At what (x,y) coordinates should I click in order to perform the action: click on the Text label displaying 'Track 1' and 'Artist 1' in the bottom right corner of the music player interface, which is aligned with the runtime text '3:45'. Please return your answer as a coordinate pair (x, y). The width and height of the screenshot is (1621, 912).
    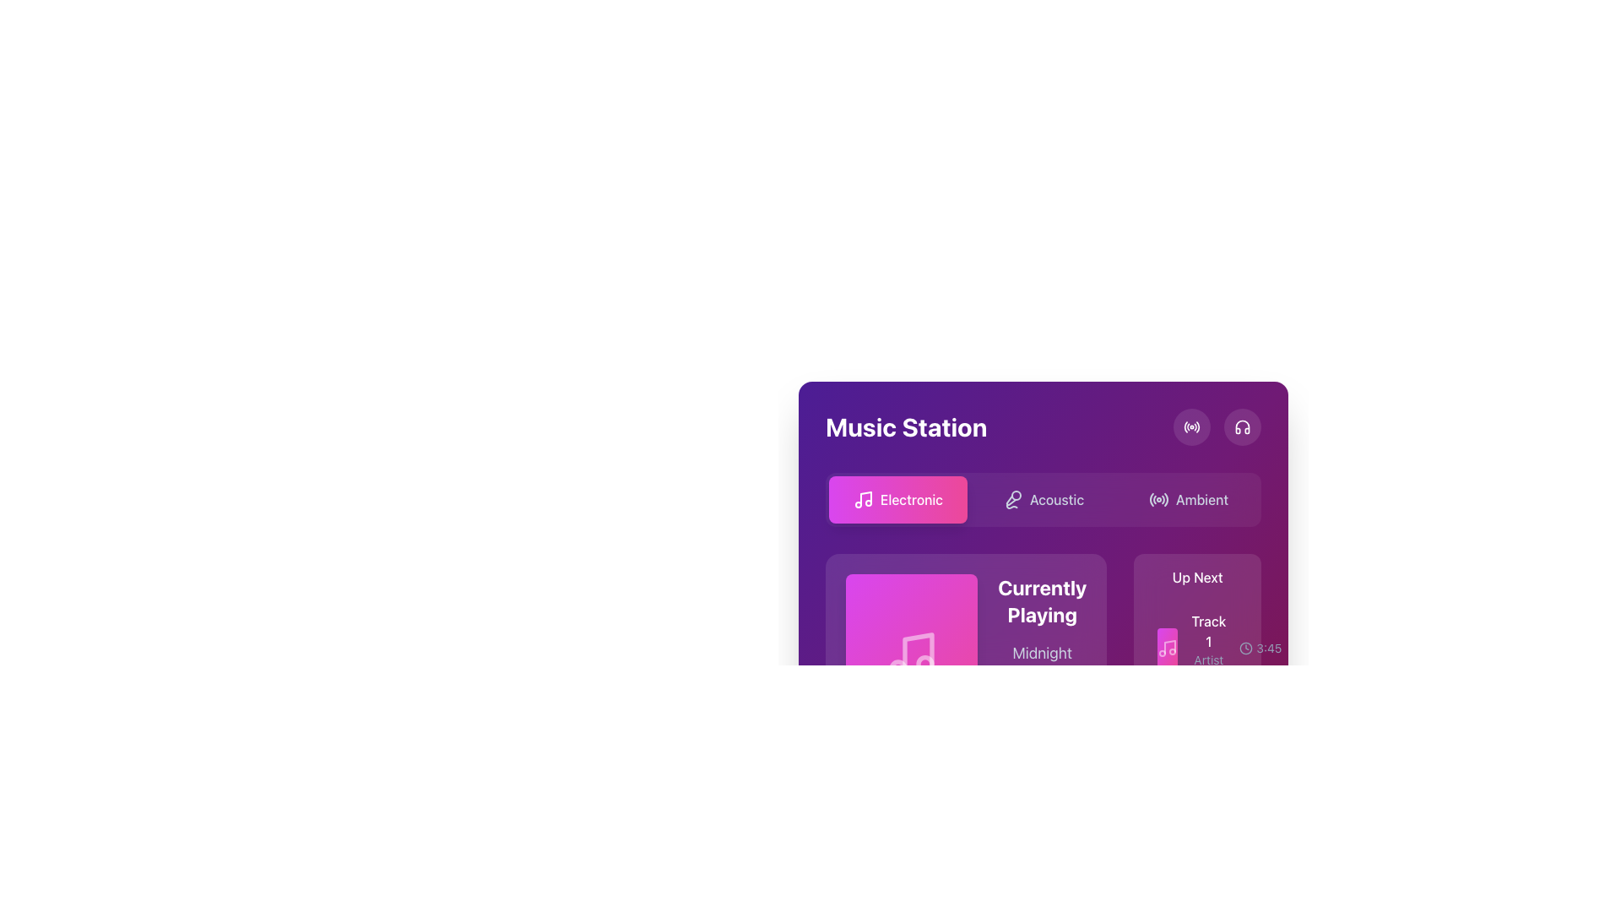
    Looking at the image, I should click on (1207, 647).